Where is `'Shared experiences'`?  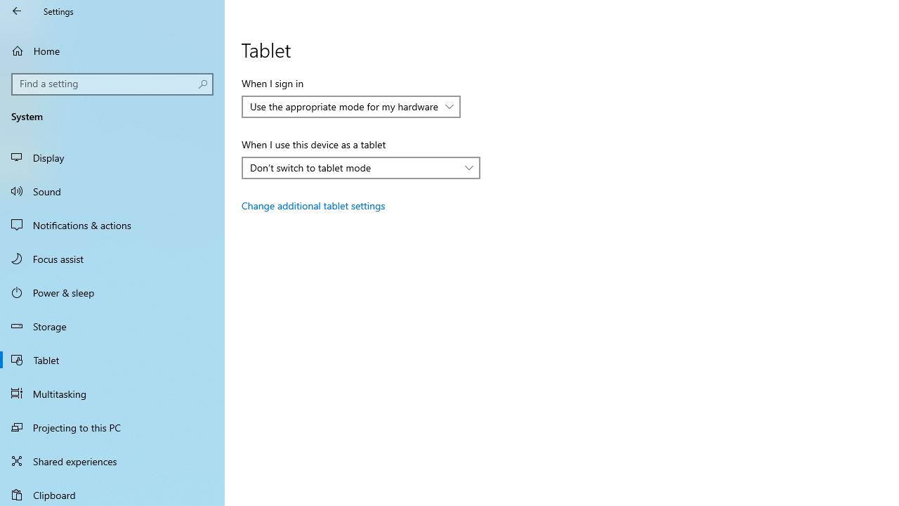 'Shared experiences' is located at coordinates (112, 460).